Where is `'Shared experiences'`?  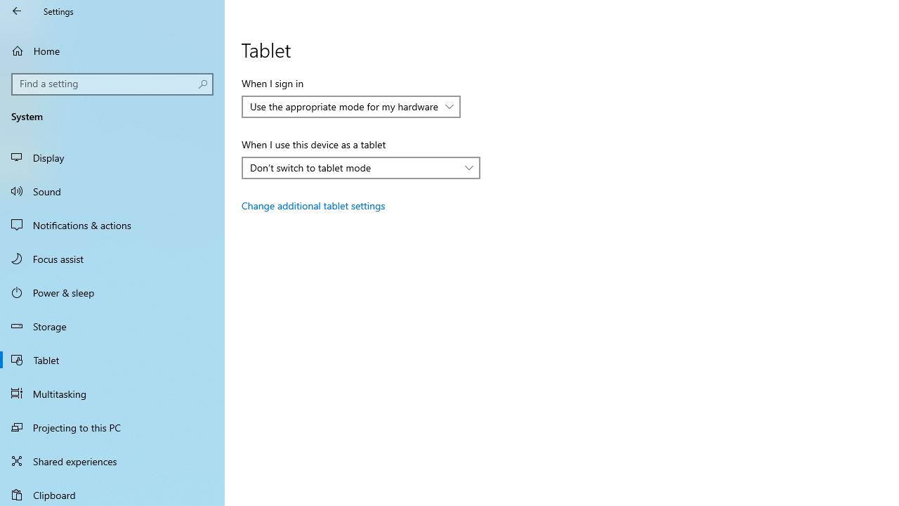 'Shared experiences' is located at coordinates (112, 460).